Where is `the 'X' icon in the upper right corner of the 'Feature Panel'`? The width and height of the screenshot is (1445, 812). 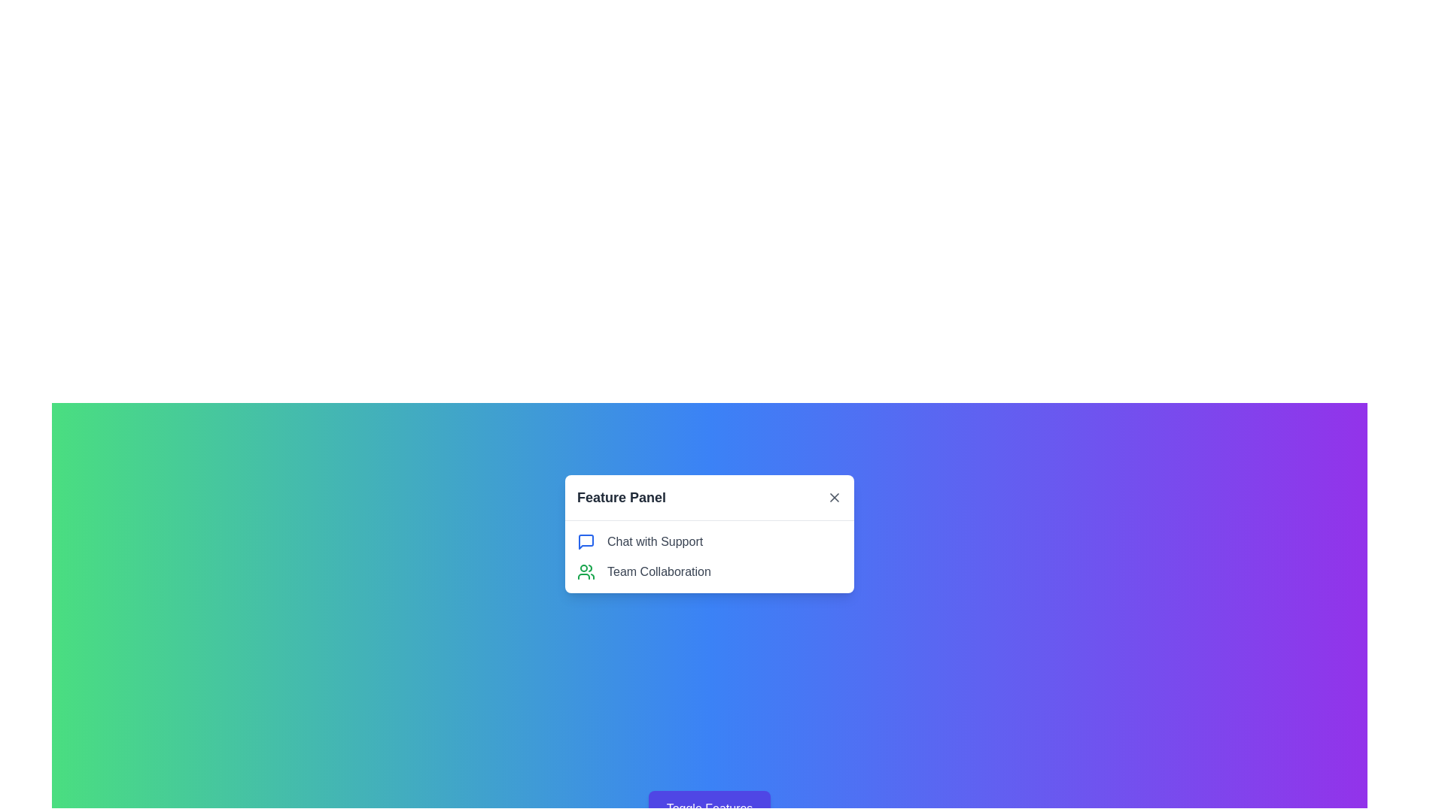 the 'X' icon in the upper right corner of the 'Feature Panel' is located at coordinates (833, 498).